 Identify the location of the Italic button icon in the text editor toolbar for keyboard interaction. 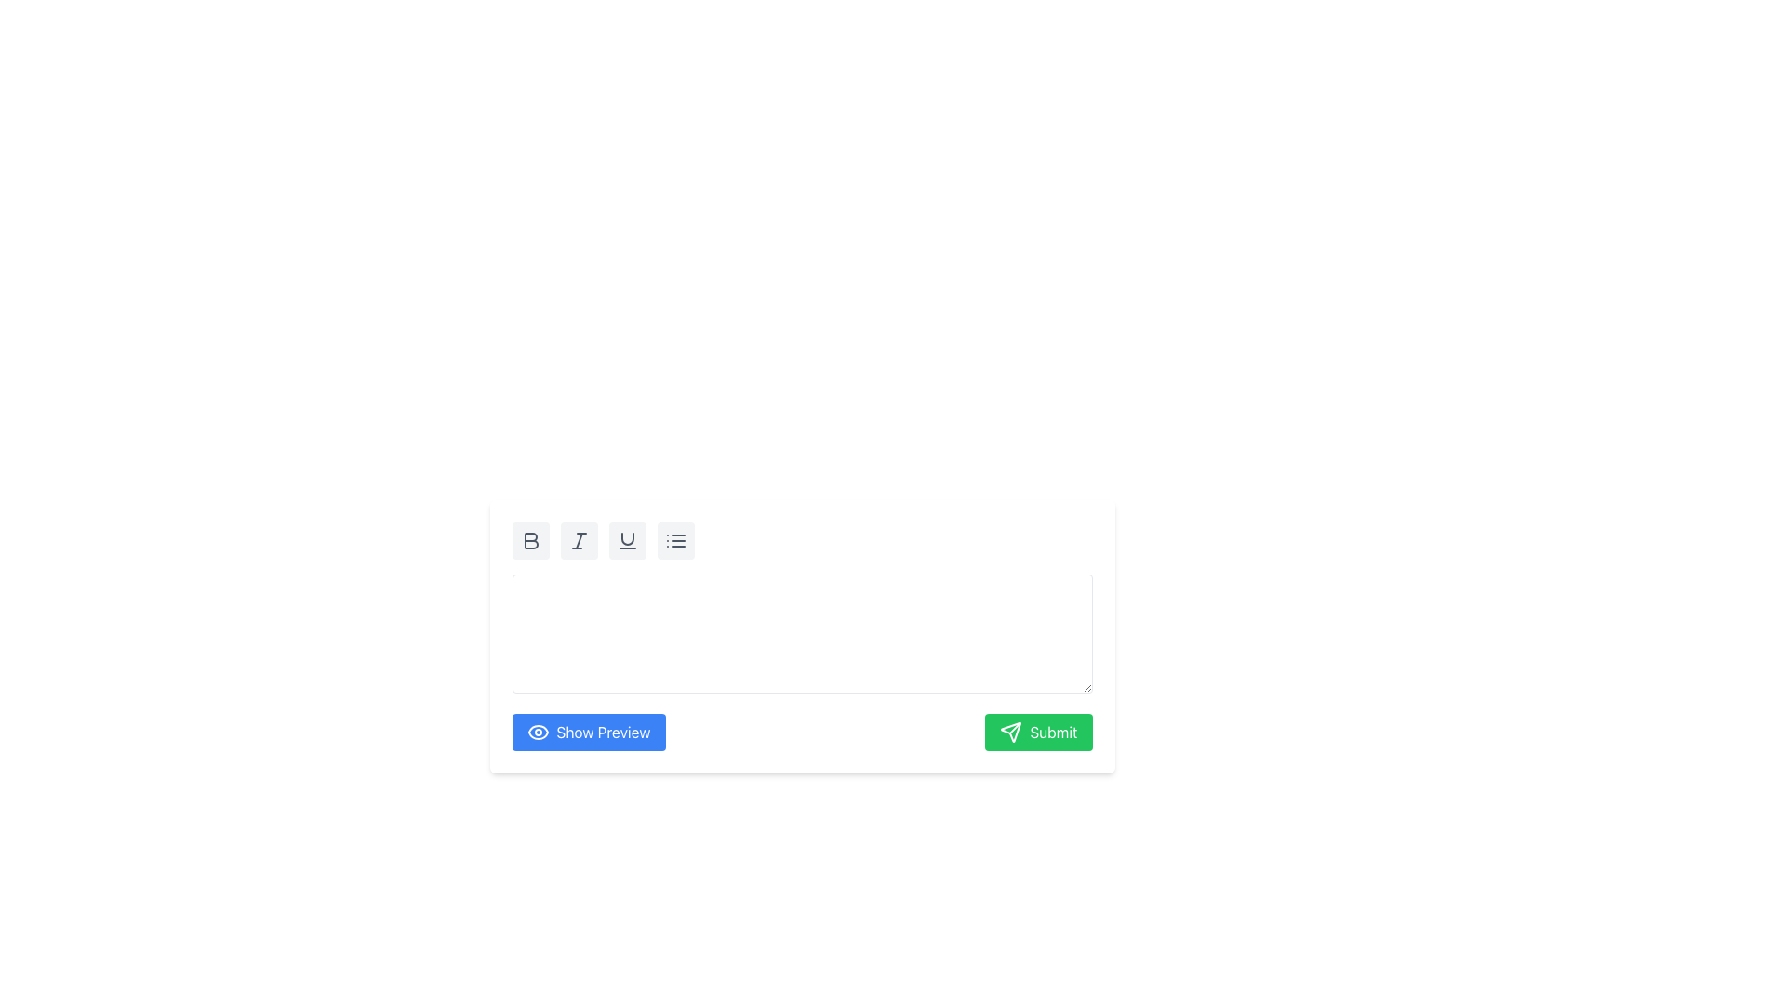
(578, 541).